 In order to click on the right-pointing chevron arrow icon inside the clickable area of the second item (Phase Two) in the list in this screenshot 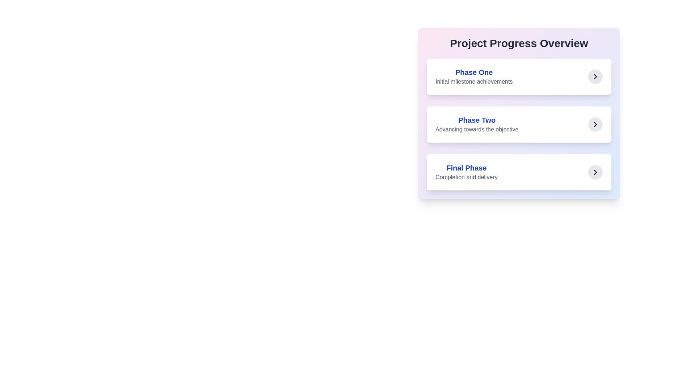, I will do `click(595, 124)`.